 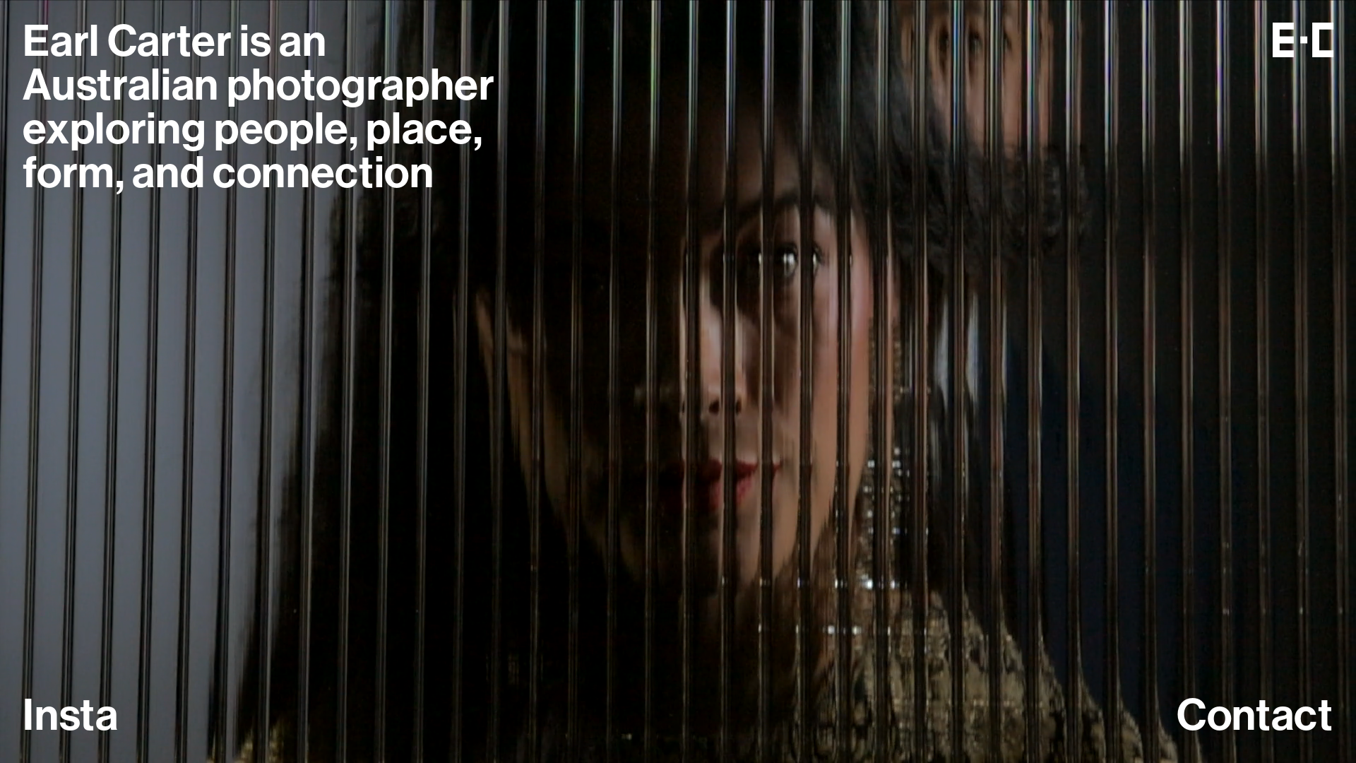 I want to click on 'Earl ?', so click(x=76, y=42).